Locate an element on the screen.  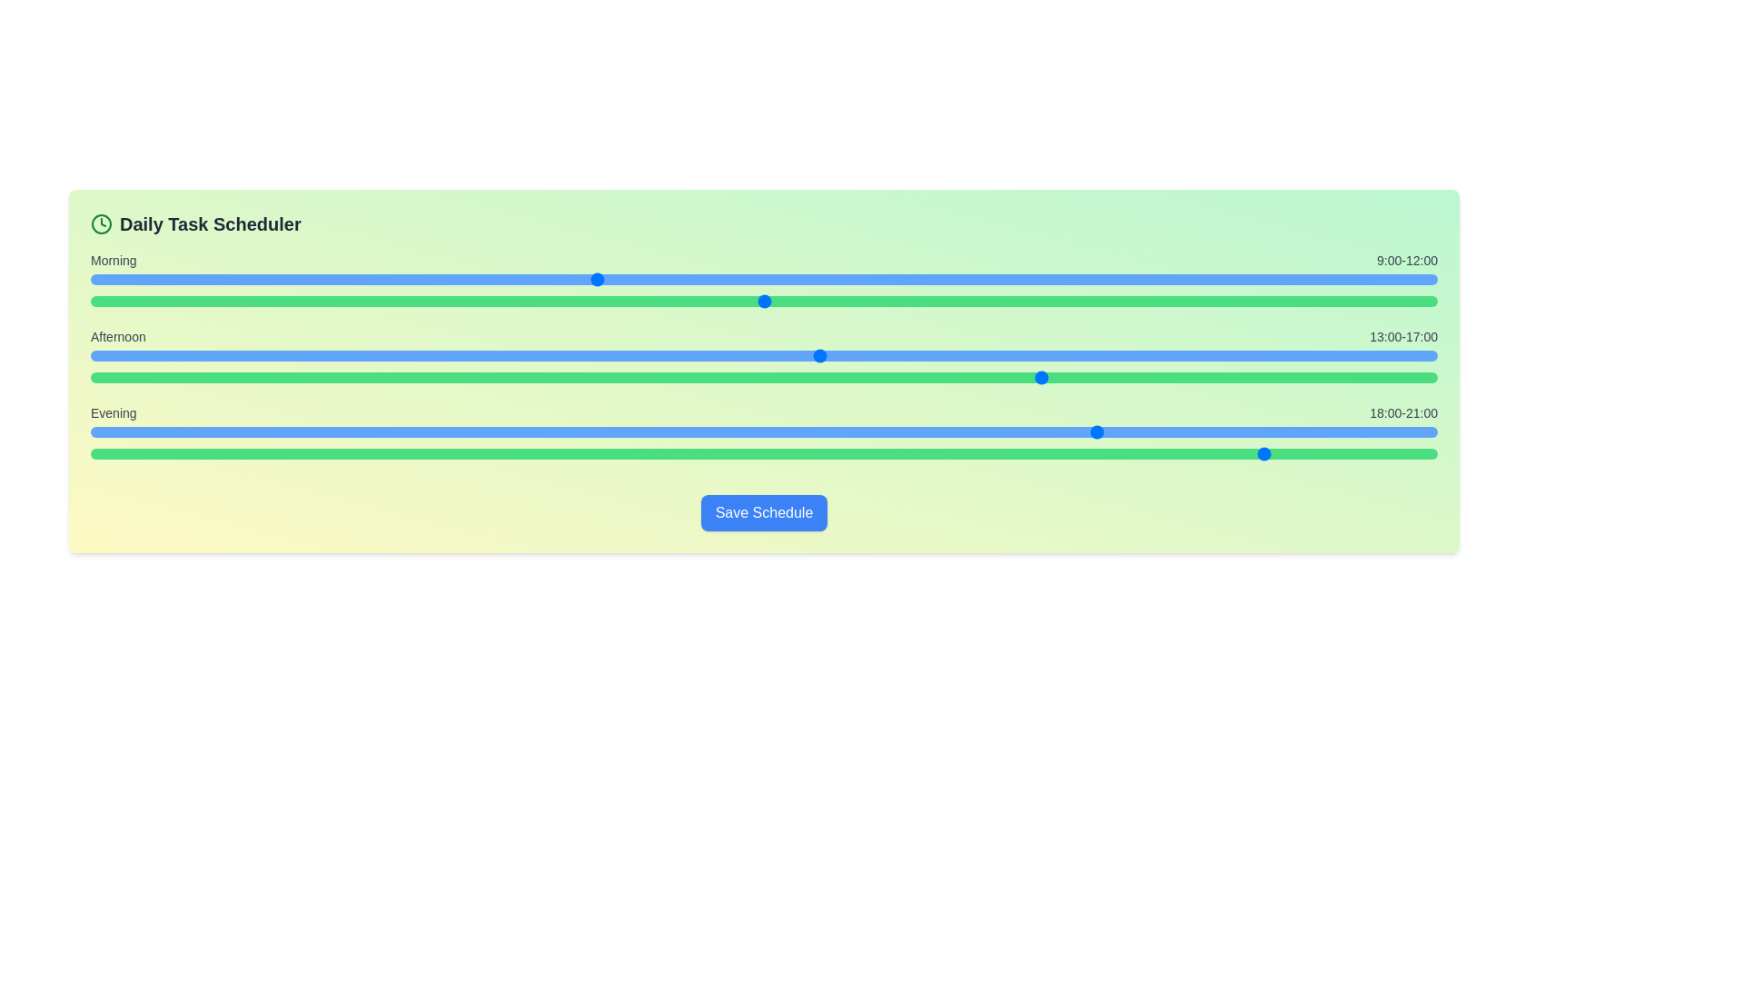
the start time for the Morning period to 6 hours is located at coordinates (426, 280).